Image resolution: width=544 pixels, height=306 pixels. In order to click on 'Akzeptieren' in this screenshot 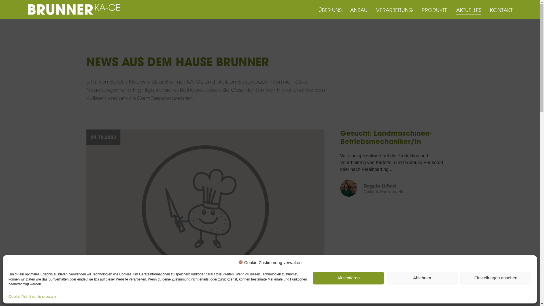, I will do `click(348, 277)`.